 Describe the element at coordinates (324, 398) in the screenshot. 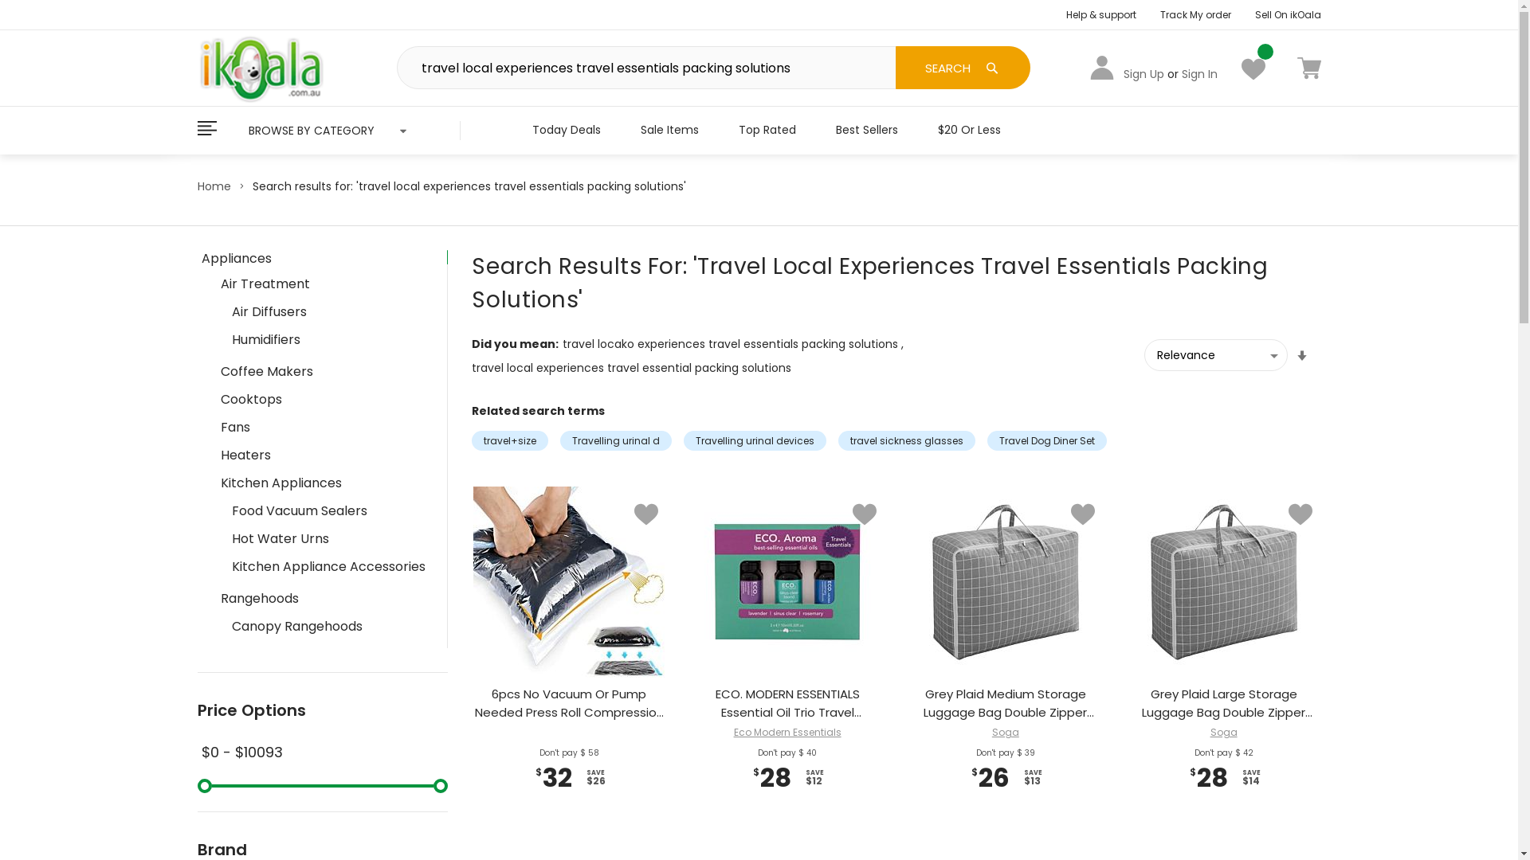

I see `'Cooktops'` at that location.